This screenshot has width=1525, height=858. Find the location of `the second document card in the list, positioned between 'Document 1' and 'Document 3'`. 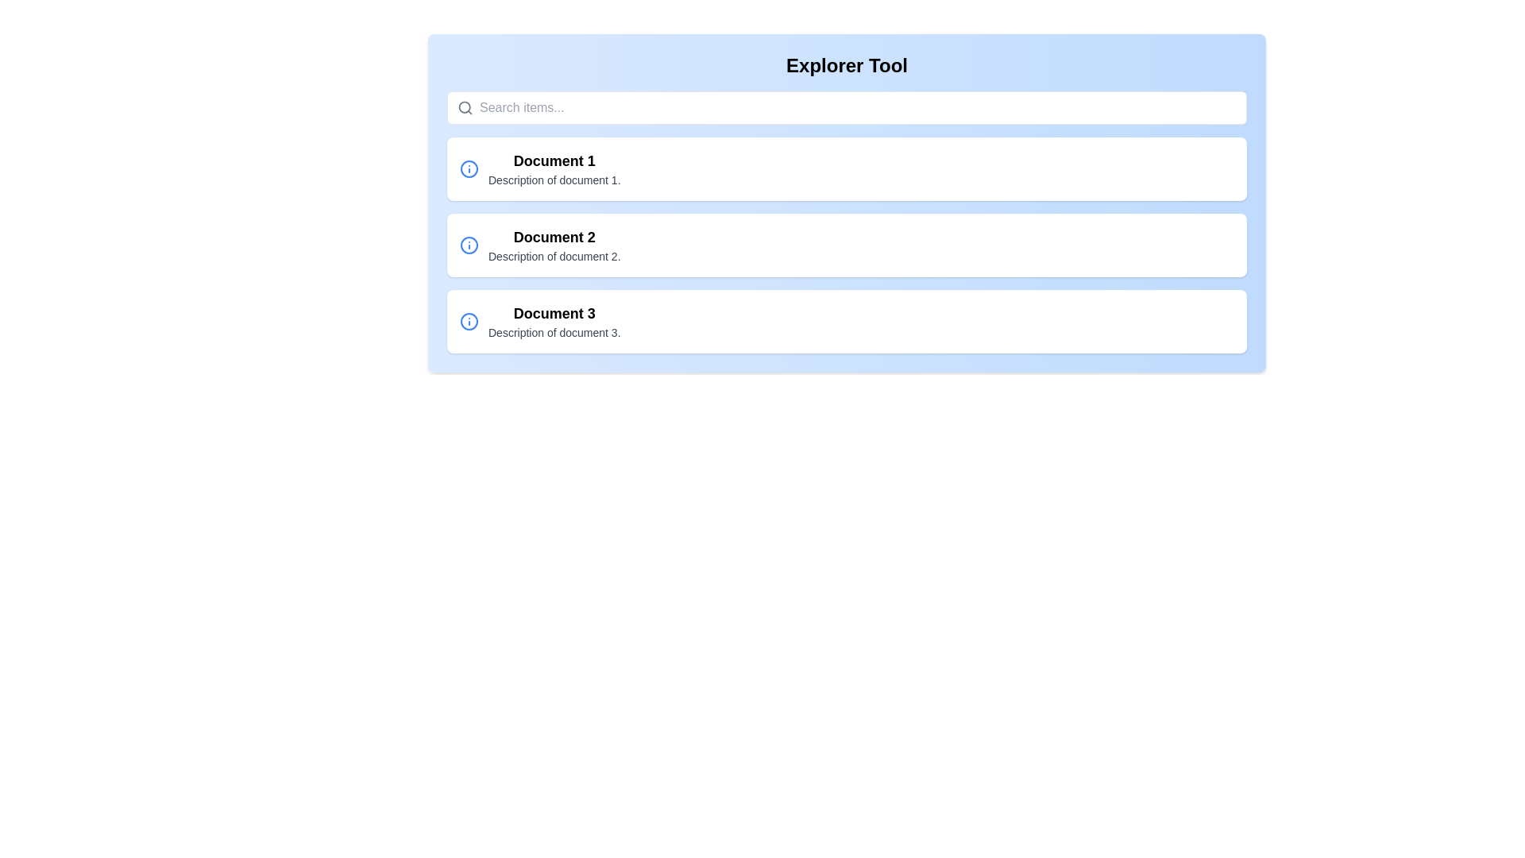

the second document card in the list, positioned between 'Document 1' and 'Document 3' is located at coordinates (846, 245).